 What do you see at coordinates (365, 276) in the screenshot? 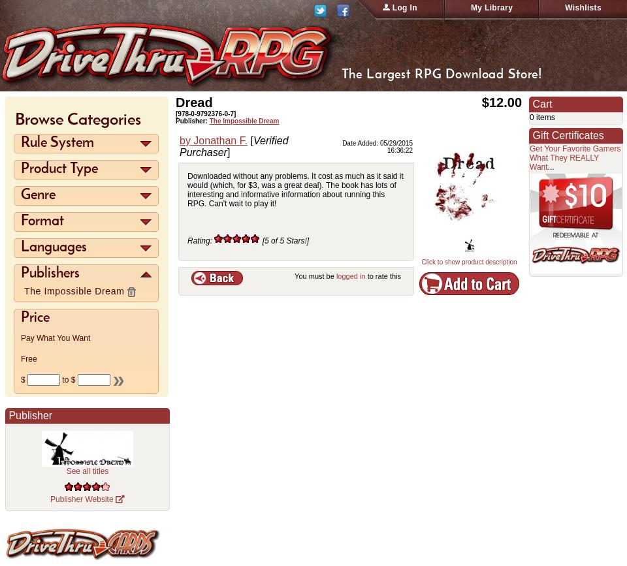
I see `'to rate this'` at bounding box center [365, 276].